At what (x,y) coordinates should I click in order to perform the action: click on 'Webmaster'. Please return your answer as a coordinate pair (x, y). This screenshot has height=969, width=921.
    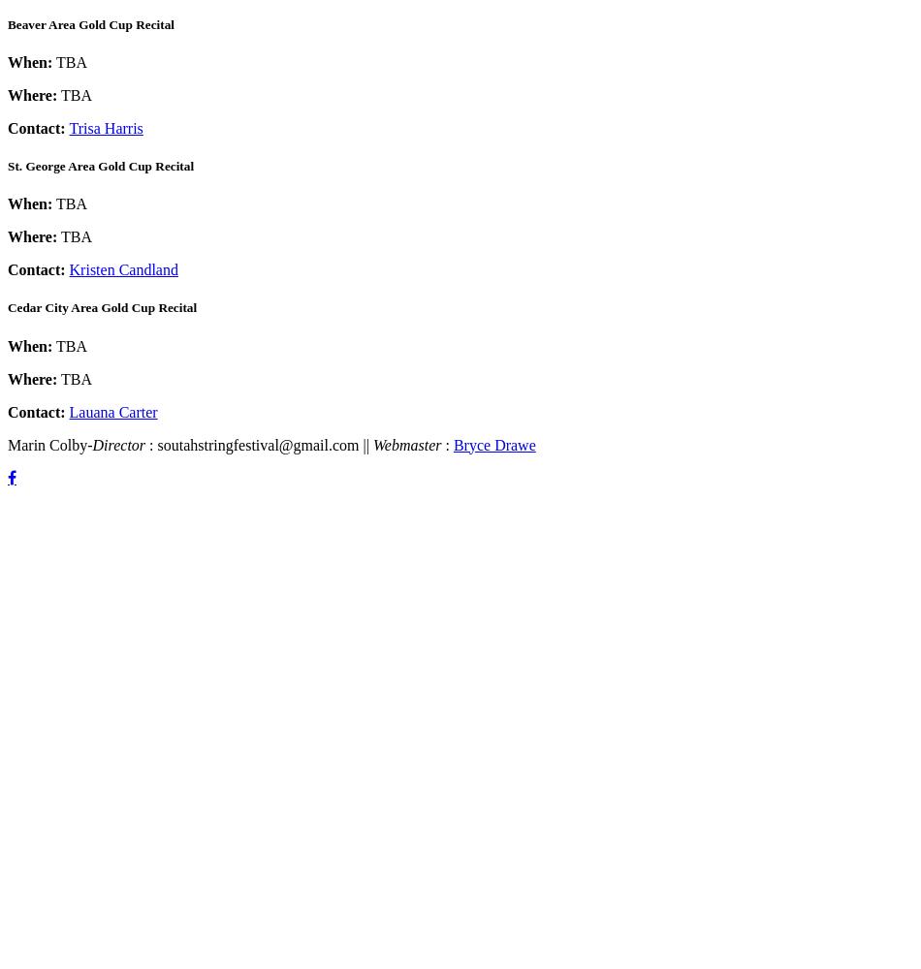
    Looking at the image, I should click on (407, 443).